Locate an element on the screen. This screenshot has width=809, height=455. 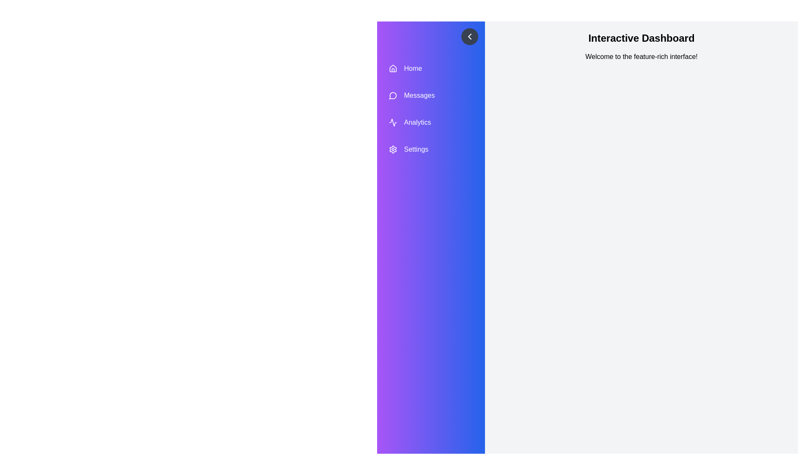
the menu item labeled Messages is located at coordinates (431, 95).